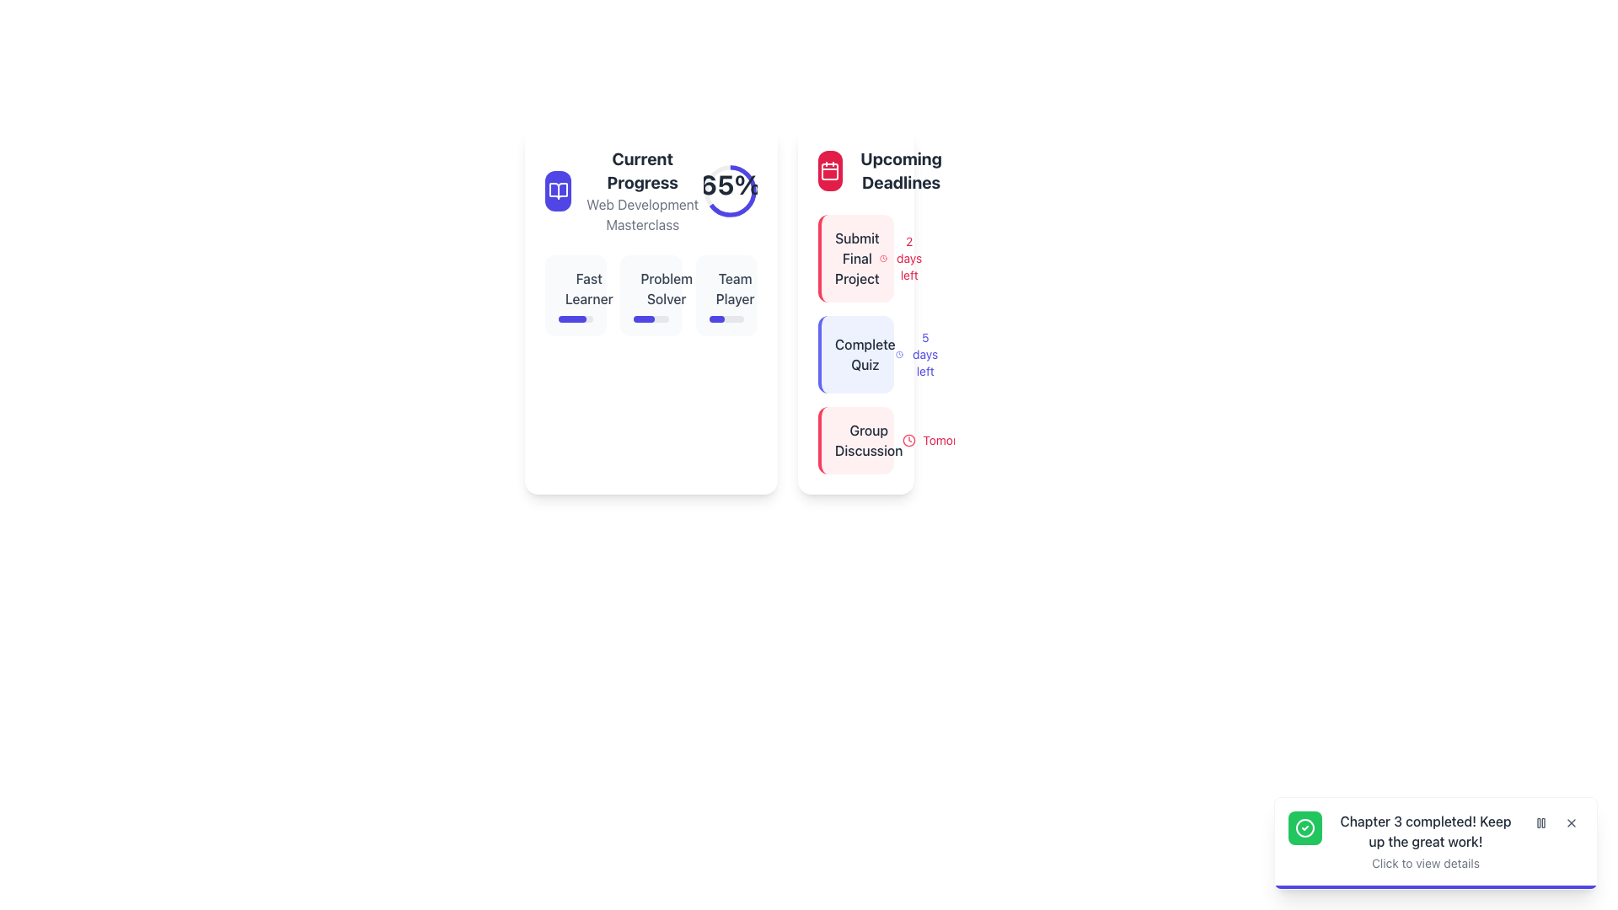 The width and height of the screenshot is (1618, 910). What do you see at coordinates (856, 353) in the screenshot?
I see `the 'Complete Quiz' card element, which features bold dark gray text, an indigo clock icon, and is styled with a soft indigo border on the left and a light indigo background, positioned in the 'Upcoming Deadlines' section` at bounding box center [856, 353].